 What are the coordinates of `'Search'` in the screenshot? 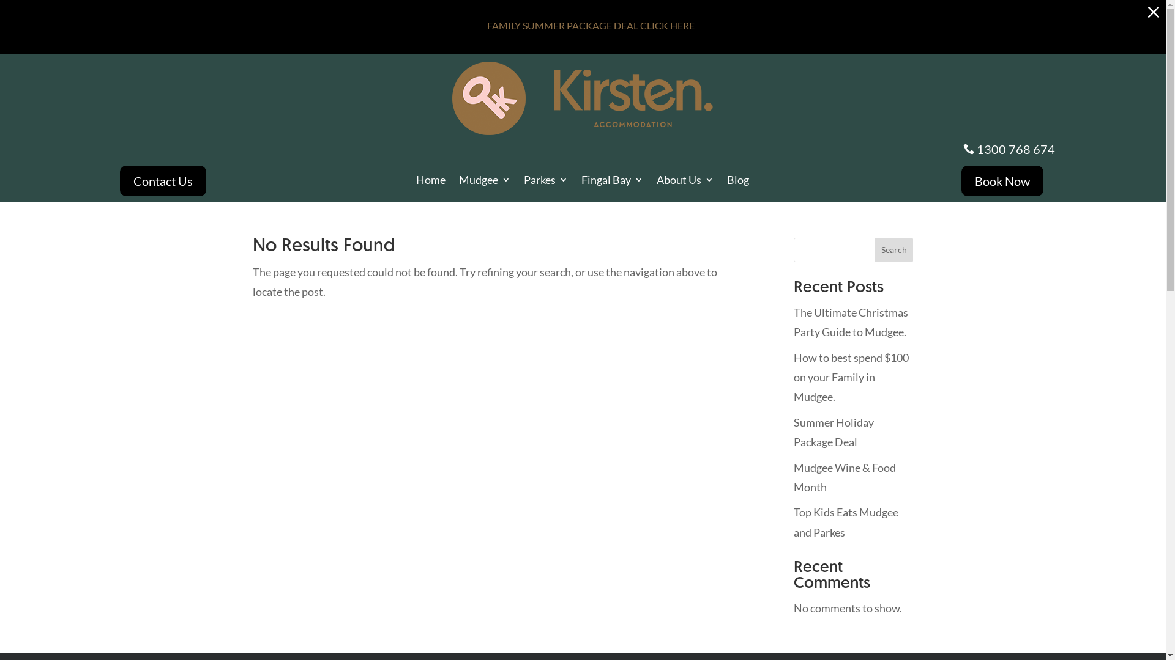 It's located at (893, 249).